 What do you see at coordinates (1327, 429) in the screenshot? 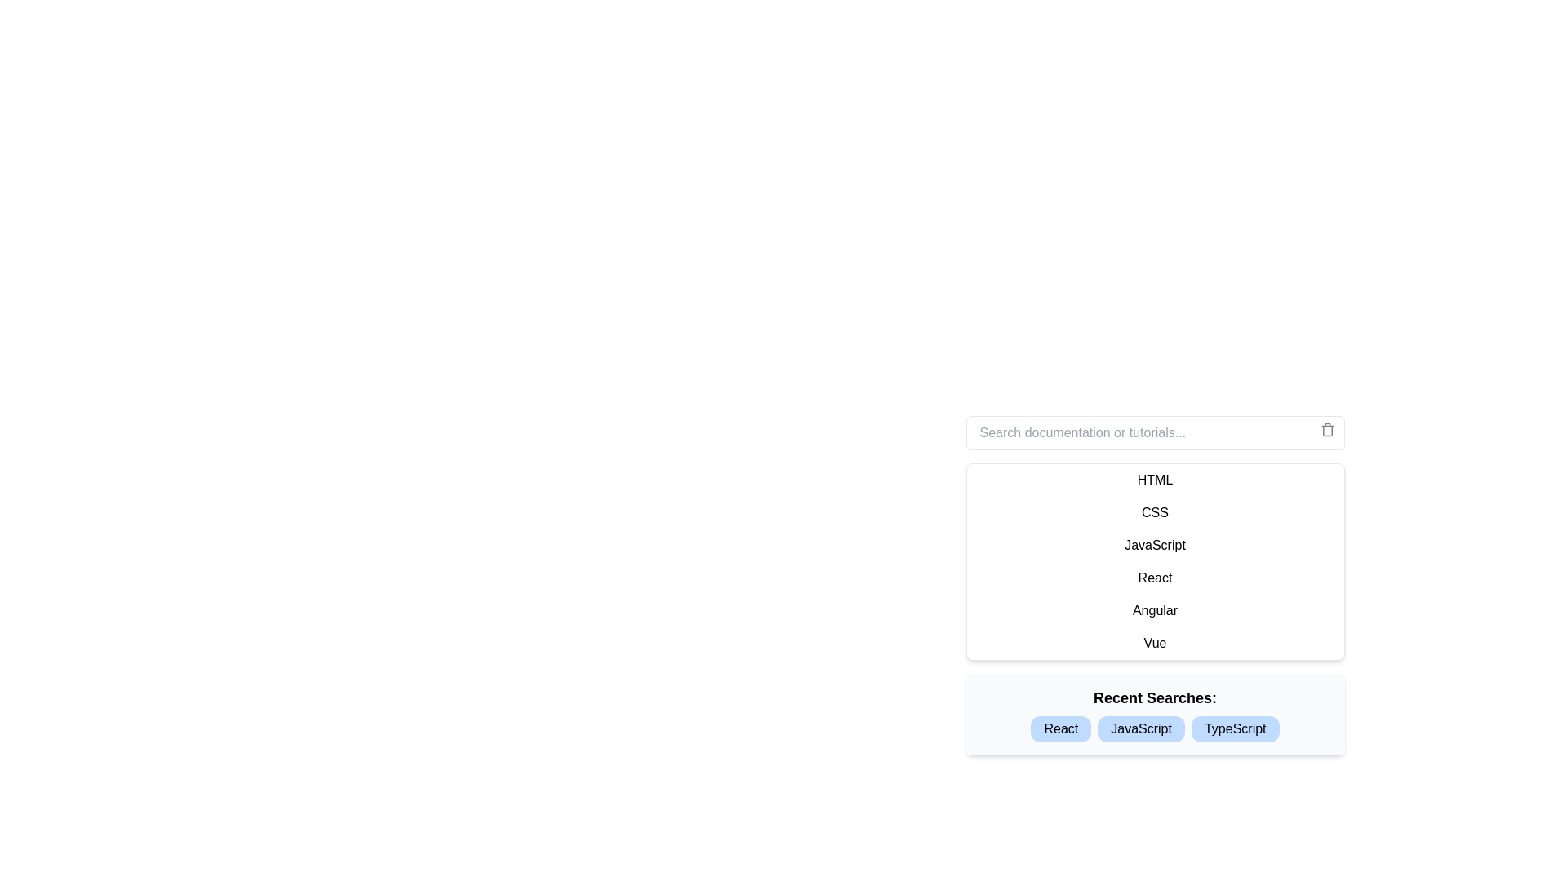
I see `the trash bin icon button located at the top-right corner of the search input field to clear the input field` at bounding box center [1327, 429].